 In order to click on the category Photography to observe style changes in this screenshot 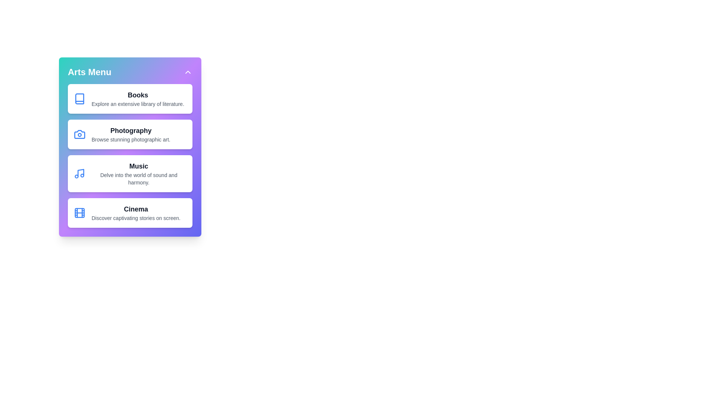, I will do `click(130, 134)`.